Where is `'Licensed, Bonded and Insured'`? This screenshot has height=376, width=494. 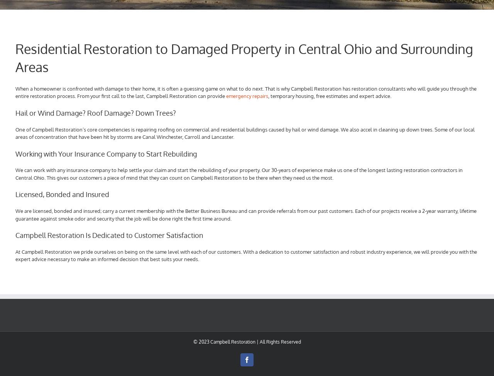 'Licensed, Bonded and Insured' is located at coordinates (15, 194).